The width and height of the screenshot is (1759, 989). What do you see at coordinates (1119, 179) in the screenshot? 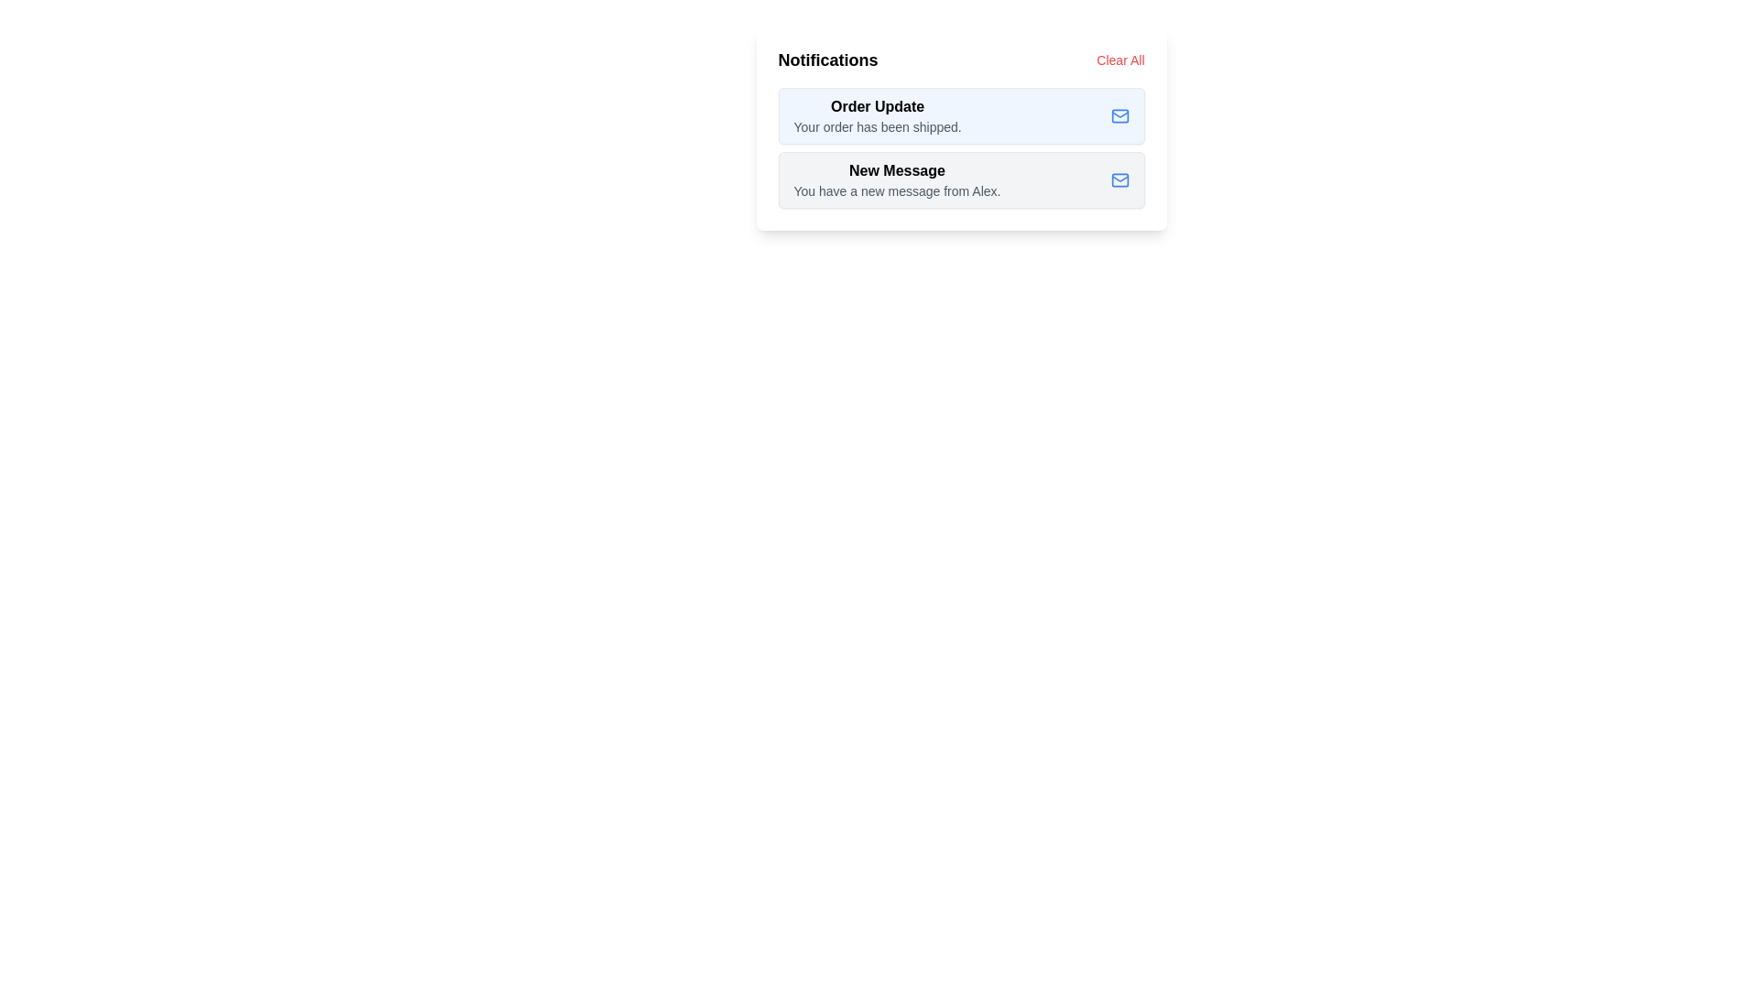
I see `the rectangular part of the envelope design icon in the New Message notification card` at bounding box center [1119, 179].